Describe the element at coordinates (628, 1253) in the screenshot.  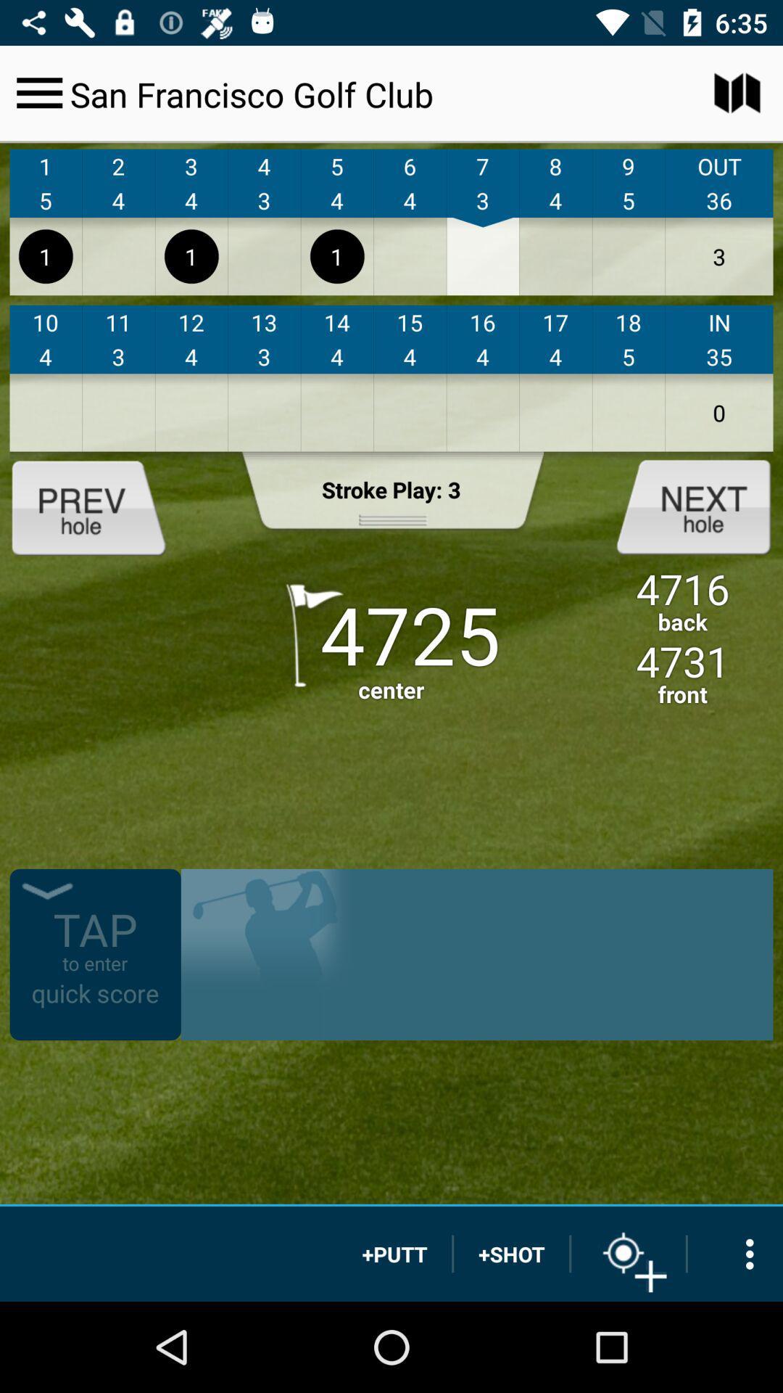
I see `the location_crosshair icon` at that location.